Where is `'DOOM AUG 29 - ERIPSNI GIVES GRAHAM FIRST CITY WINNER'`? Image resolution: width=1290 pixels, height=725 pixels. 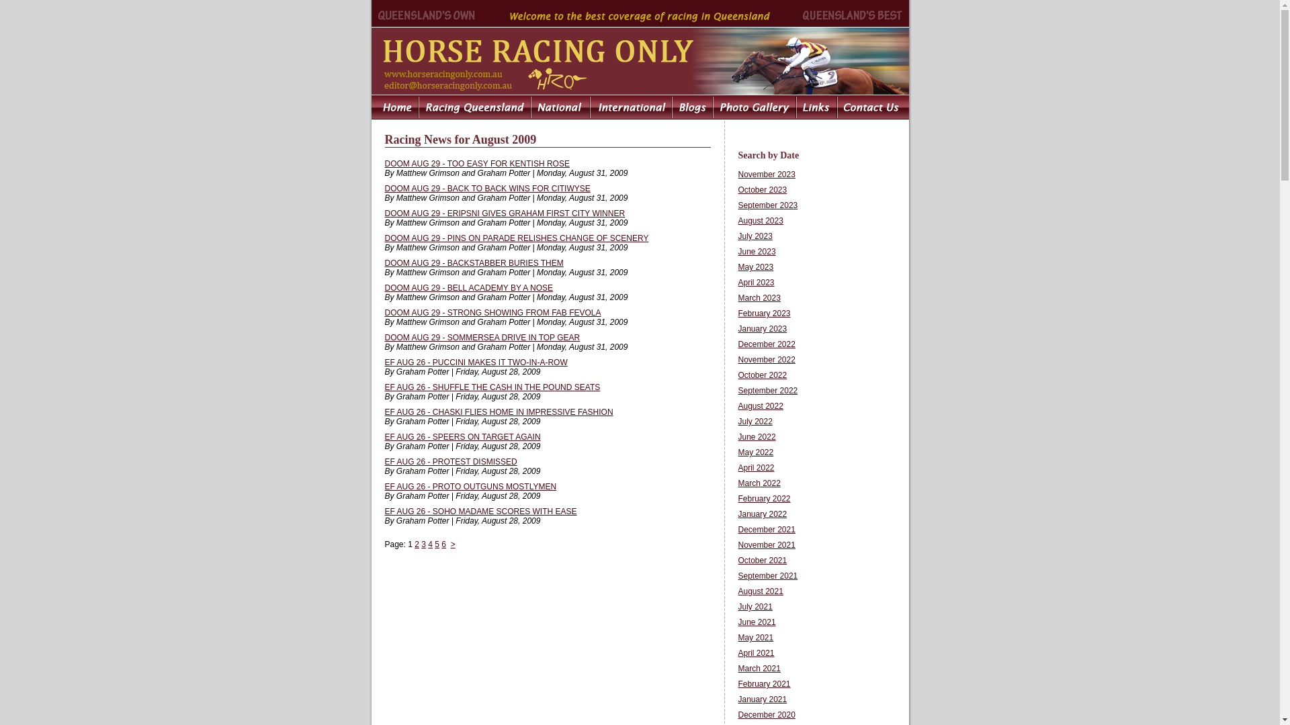
'DOOM AUG 29 - ERIPSNI GIVES GRAHAM FIRST CITY WINNER' is located at coordinates (503, 212).